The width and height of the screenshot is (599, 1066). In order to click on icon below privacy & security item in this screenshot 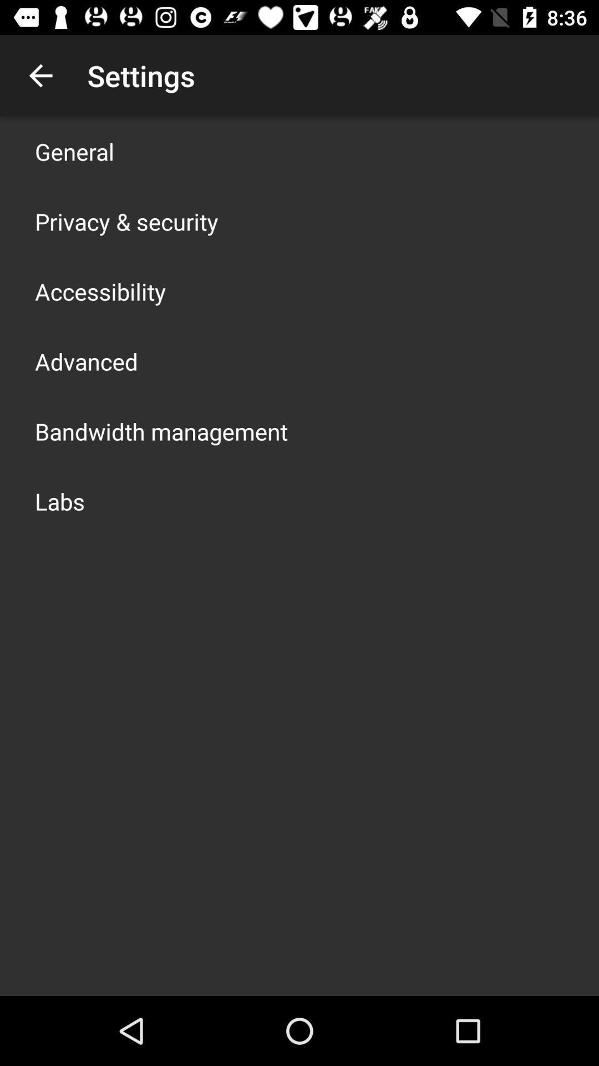, I will do `click(100, 291)`.